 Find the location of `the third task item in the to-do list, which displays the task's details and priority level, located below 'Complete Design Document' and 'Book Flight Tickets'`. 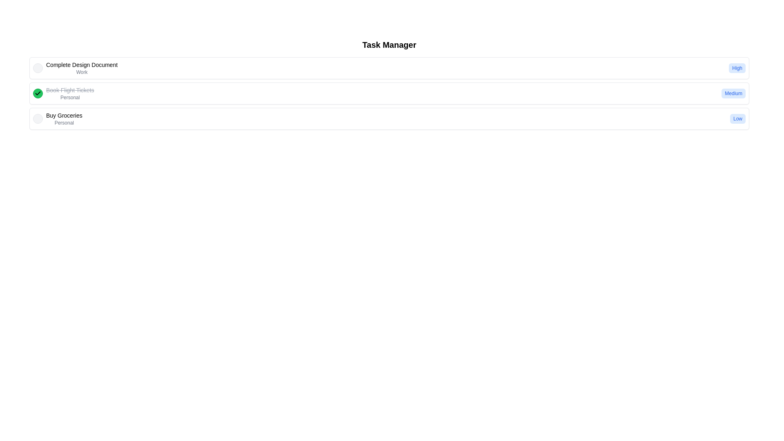

the third task item in the to-do list, which displays the task's details and priority level, located below 'Complete Design Document' and 'Book Flight Tickets' is located at coordinates (389, 118).